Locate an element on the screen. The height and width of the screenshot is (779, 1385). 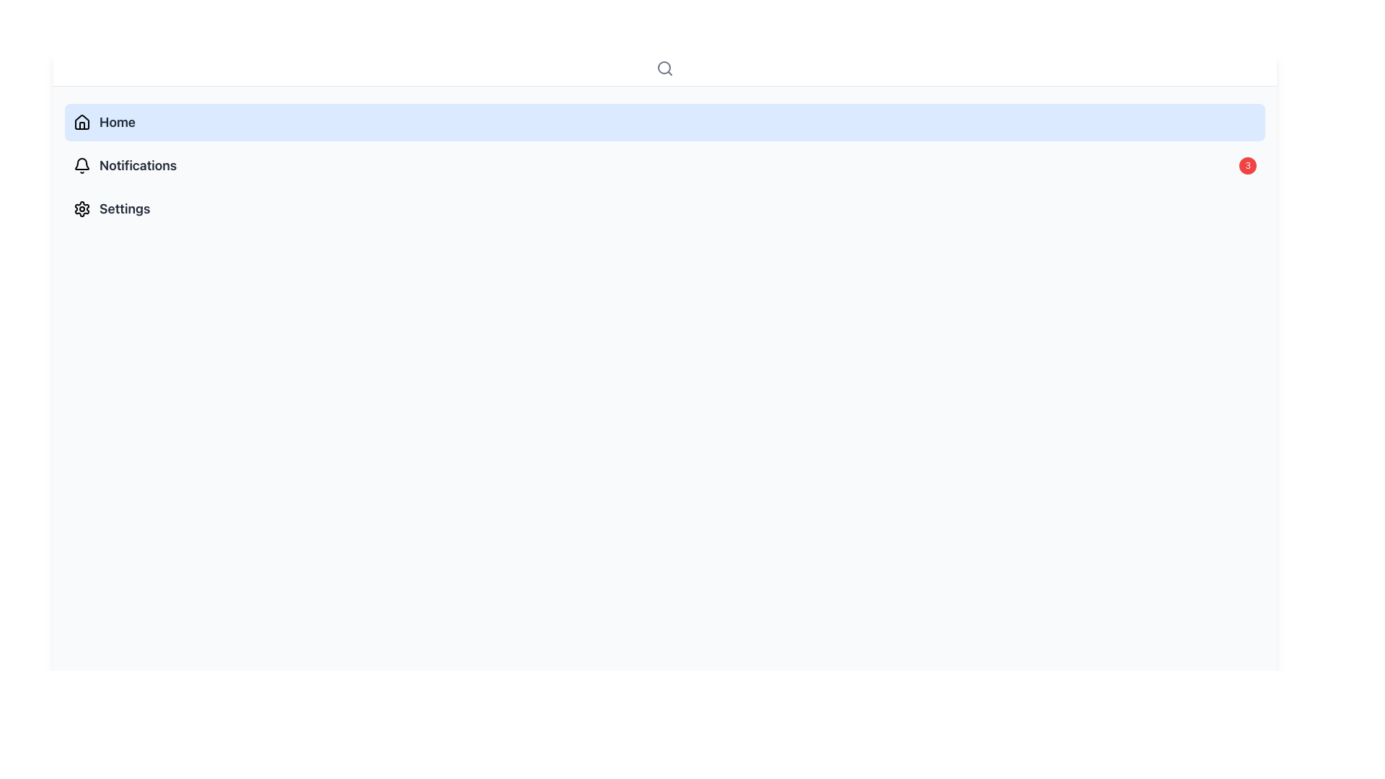
the 'Notifications' navigational link in the left sidebar panel is located at coordinates (125, 165).